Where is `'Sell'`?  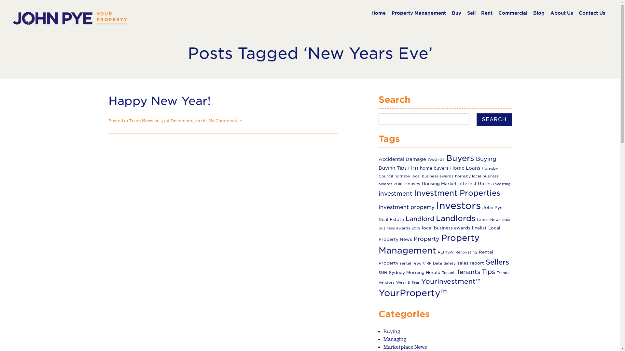 'Sell' is located at coordinates (471, 13).